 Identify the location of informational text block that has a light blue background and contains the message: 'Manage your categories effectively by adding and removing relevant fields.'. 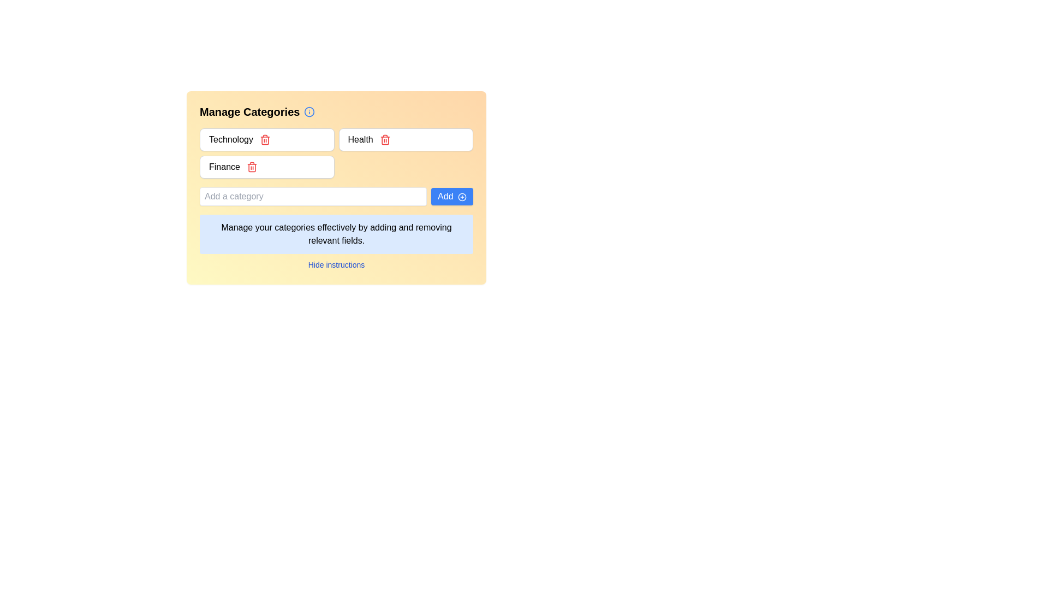
(336, 233).